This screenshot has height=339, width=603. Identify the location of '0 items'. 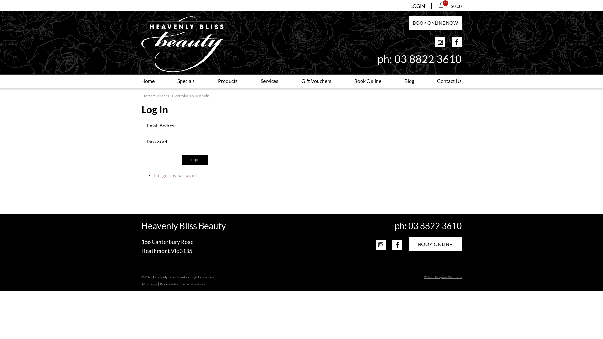
(442, 3).